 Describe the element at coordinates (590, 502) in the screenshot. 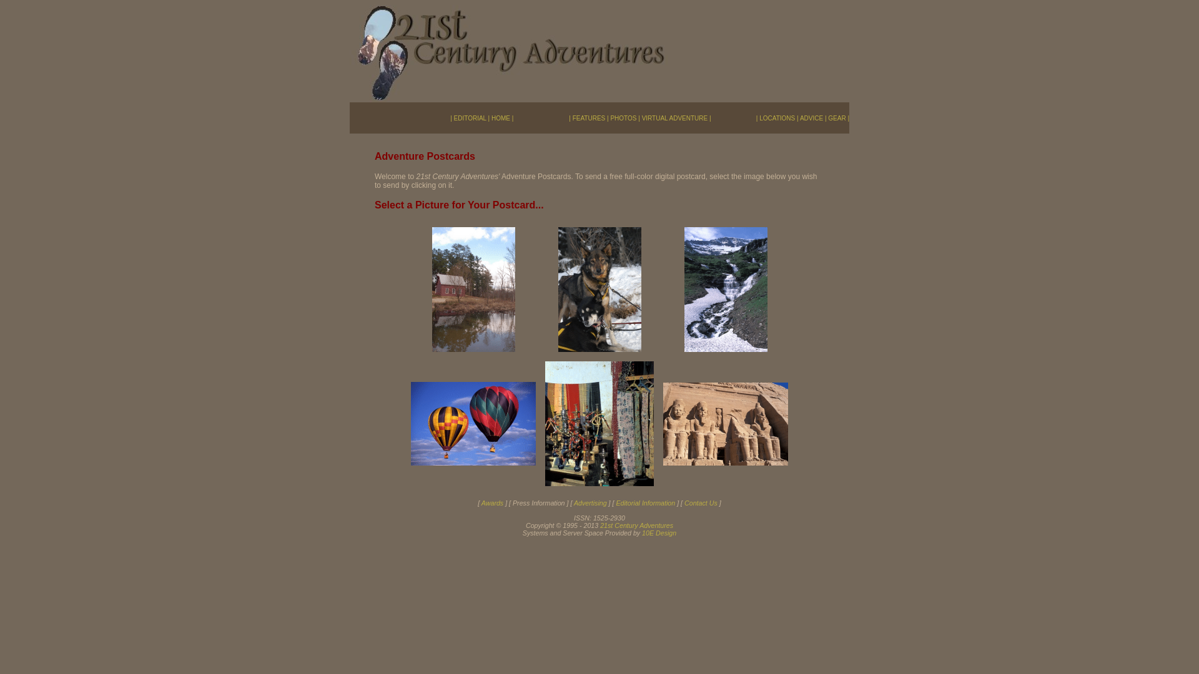

I see `'Advertising'` at that location.